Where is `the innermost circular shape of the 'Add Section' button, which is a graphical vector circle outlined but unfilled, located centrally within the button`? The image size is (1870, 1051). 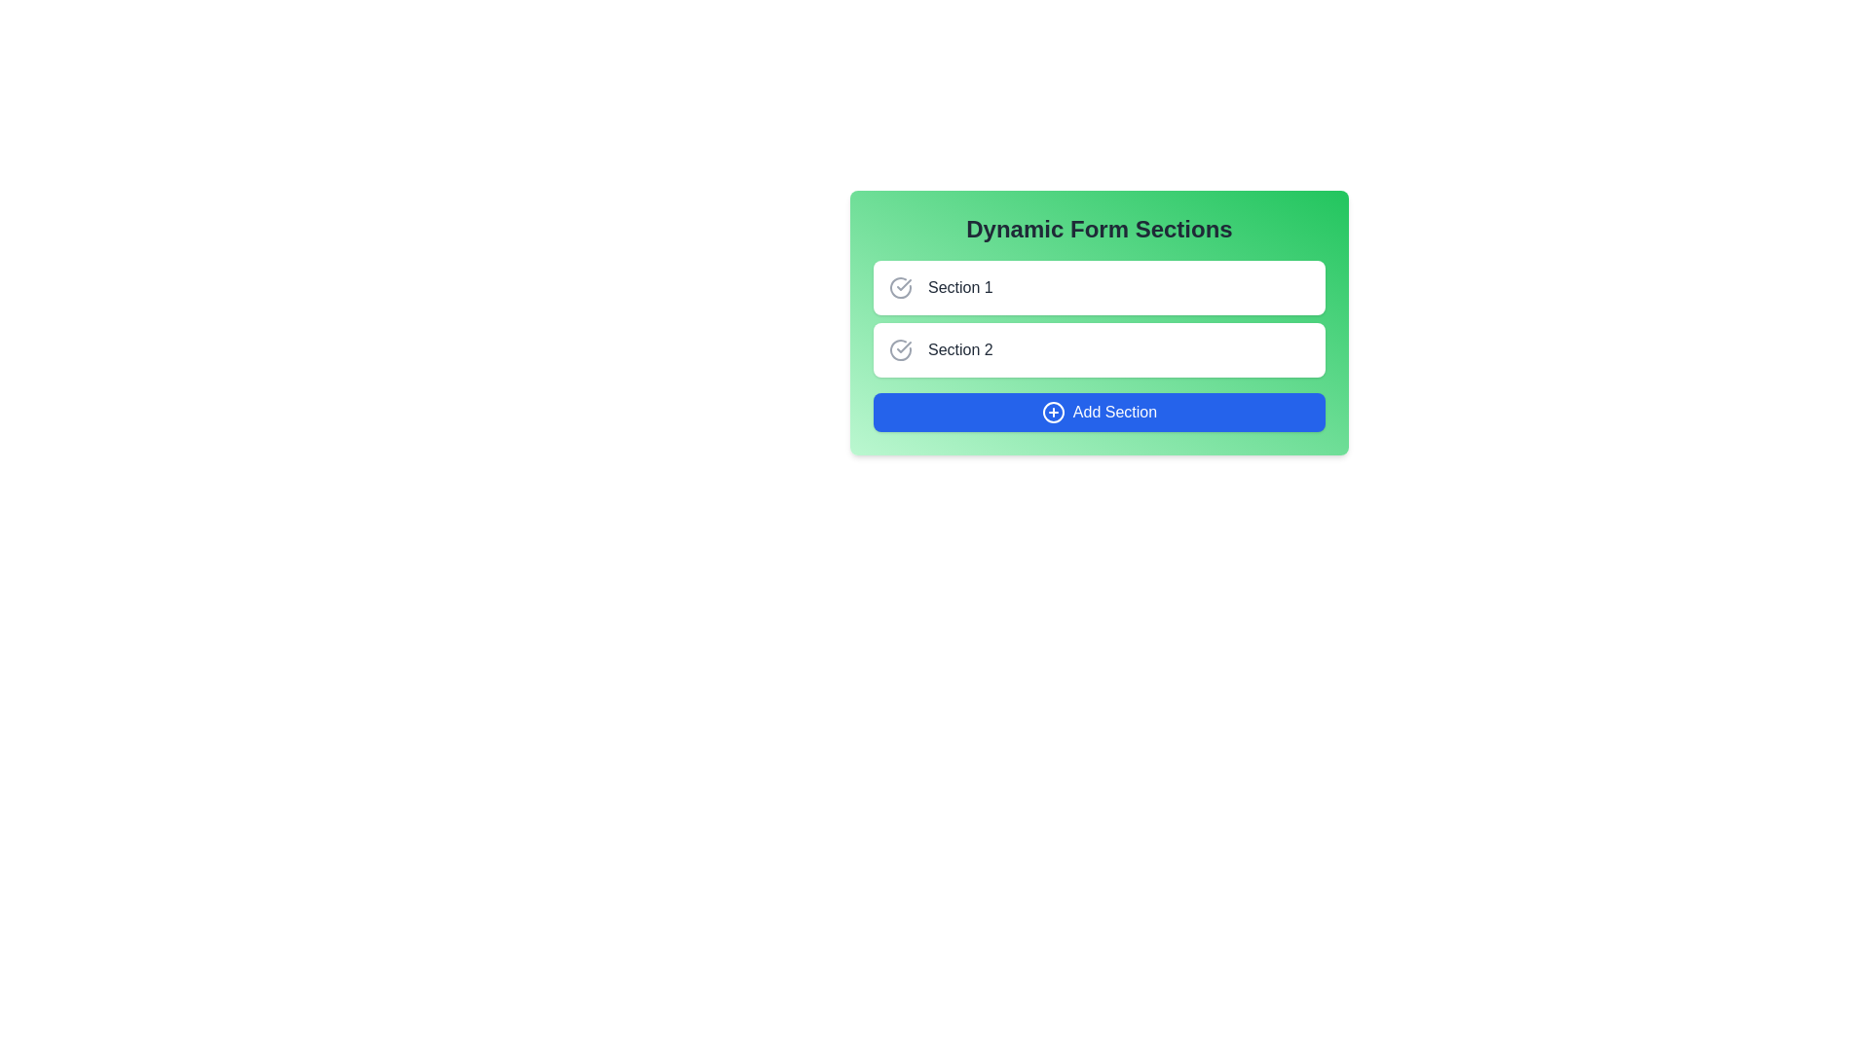 the innermost circular shape of the 'Add Section' button, which is a graphical vector circle outlined but unfilled, located centrally within the button is located at coordinates (1052, 412).